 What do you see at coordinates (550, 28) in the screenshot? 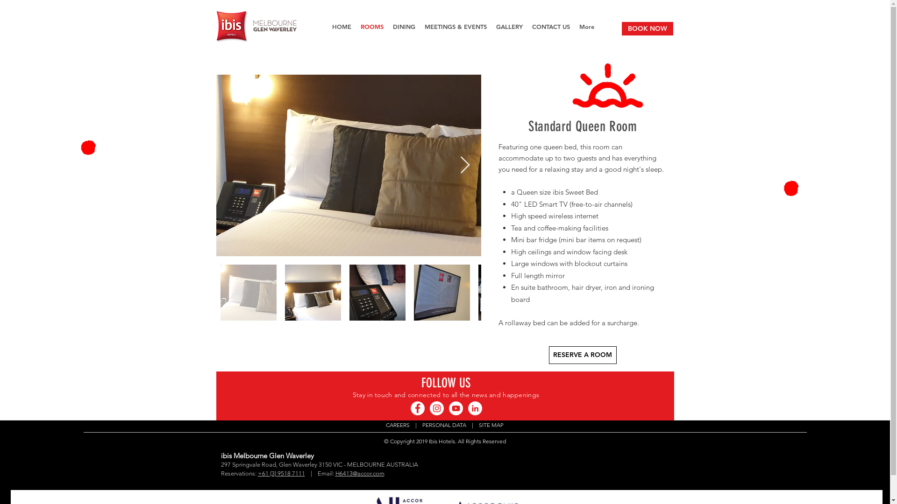
I see `'CONTACT US'` at bounding box center [550, 28].